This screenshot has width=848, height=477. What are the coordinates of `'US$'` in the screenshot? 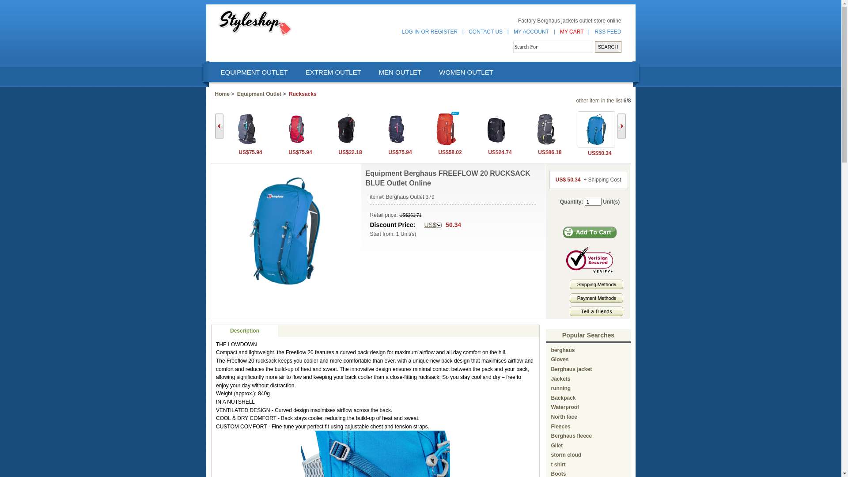 It's located at (432, 224).